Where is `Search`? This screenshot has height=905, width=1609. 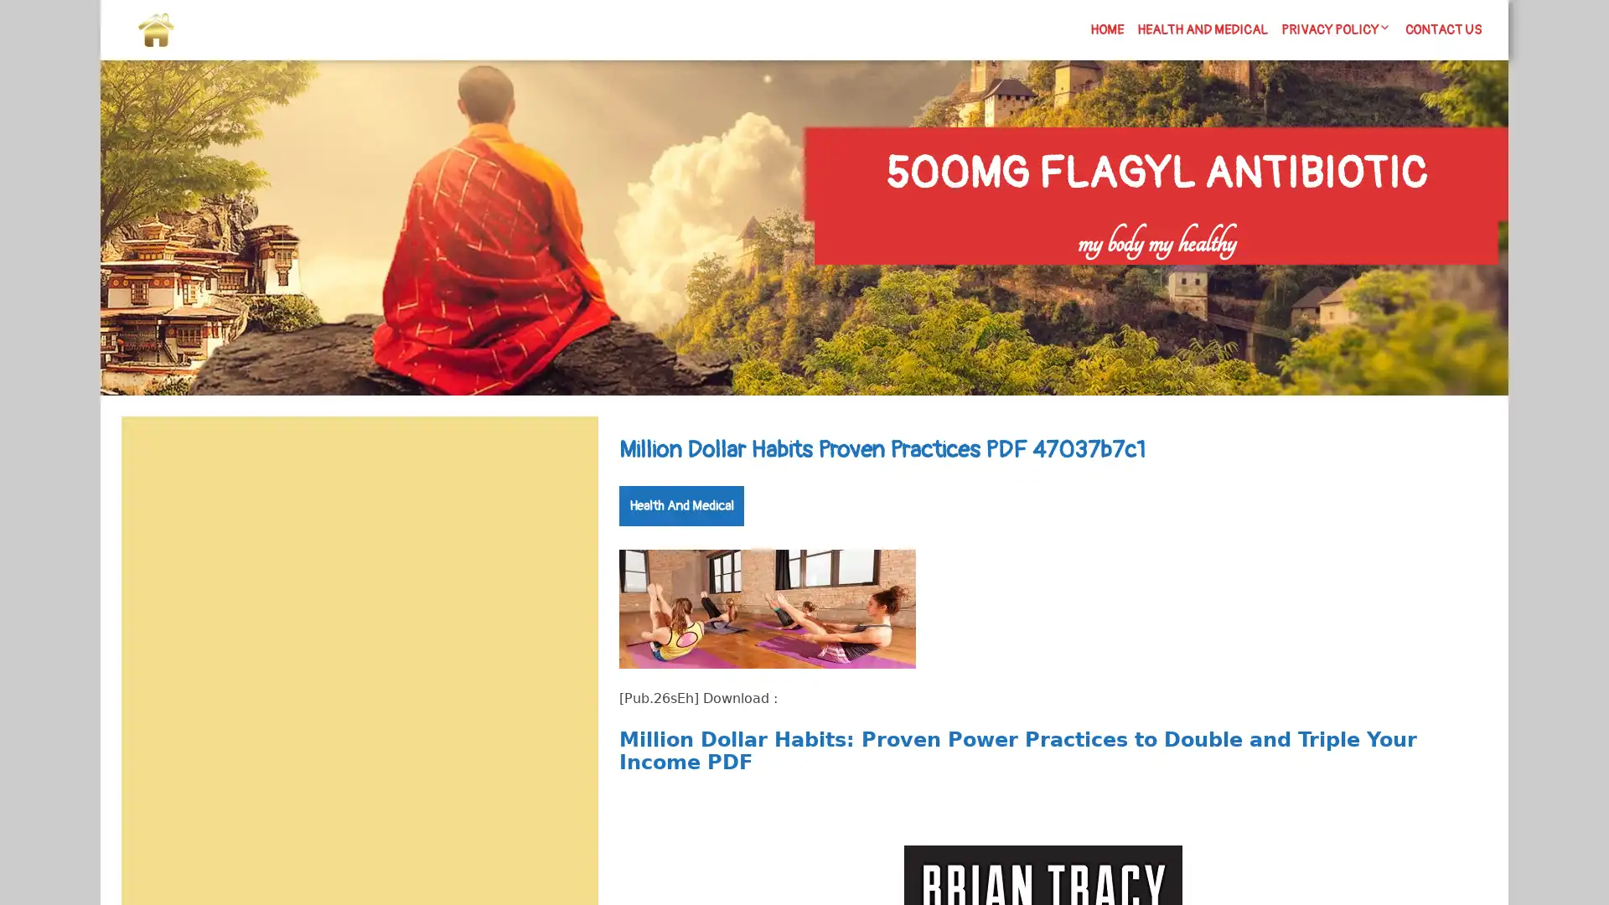 Search is located at coordinates (1305, 274).